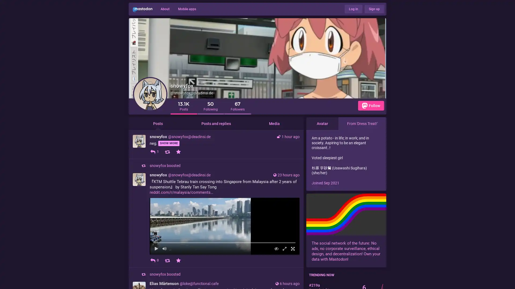 The image size is (515, 289). I want to click on City skyline under a cloudy blue sky. In the foreground, a lake of still water, and a train line on a bridge over it. A yellow train slowly crosses., so click(225, 239).